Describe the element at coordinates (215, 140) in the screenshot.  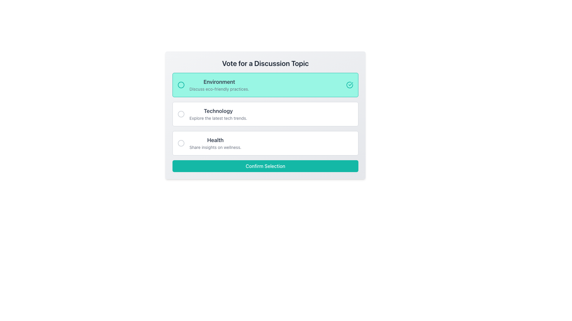
I see `the text label for the selectable discussion topic 'Health', which is positioned centrally under 'Technology' and above the 'Confirm Selection' button` at that location.